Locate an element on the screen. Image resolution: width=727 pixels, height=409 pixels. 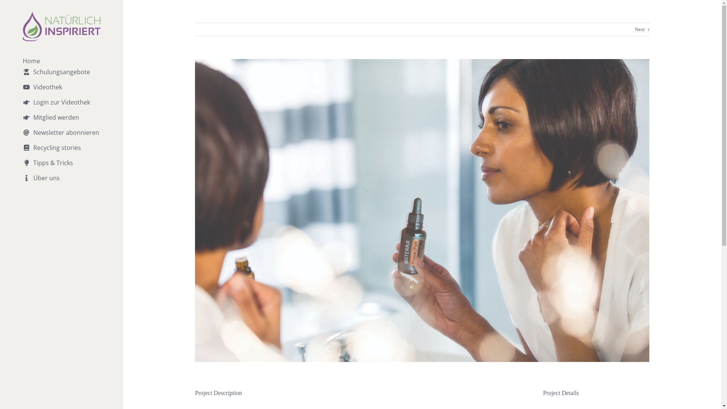
'Newsletter abonnieren' is located at coordinates (61, 137).